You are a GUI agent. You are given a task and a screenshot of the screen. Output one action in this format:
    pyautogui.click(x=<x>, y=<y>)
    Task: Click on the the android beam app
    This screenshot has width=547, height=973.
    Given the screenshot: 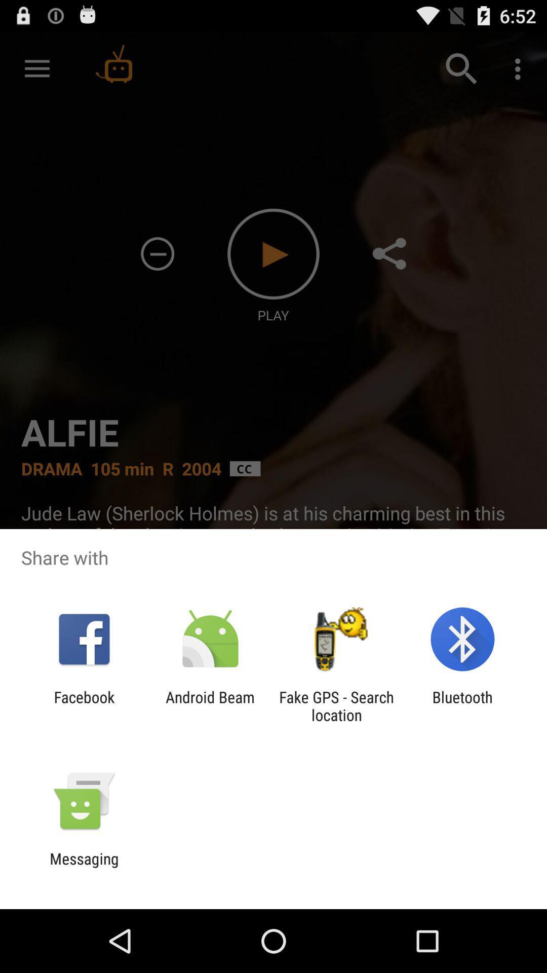 What is the action you would take?
    pyautogui.click(x=210, y=705)
    